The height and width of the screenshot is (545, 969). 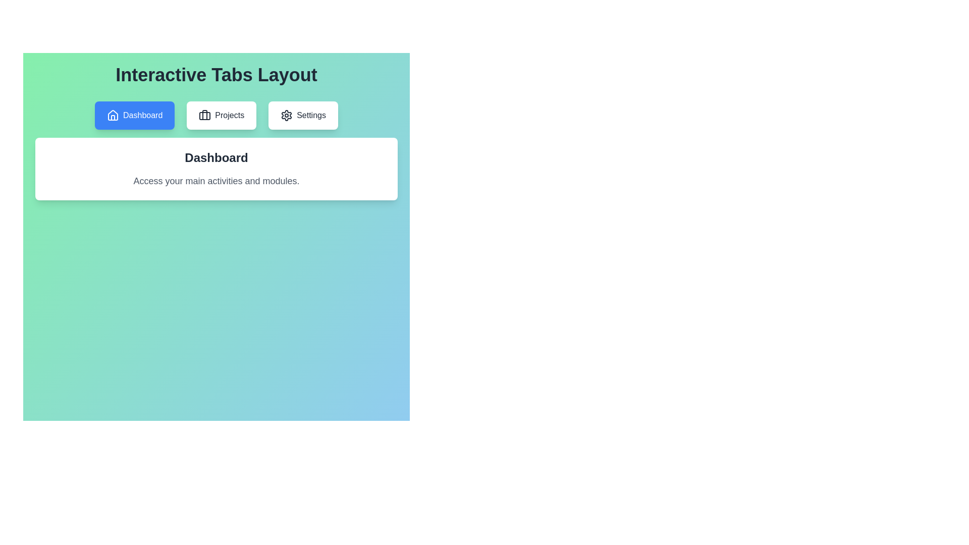 What do you see at coordinates (302, 115) in the screenshot?
I see `the tab labeled Settings to observe its hover effect` at bounding box center [302, 115].